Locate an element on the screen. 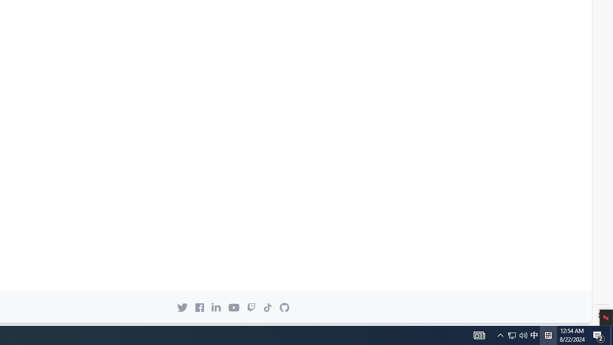 The width and height of the screenshot is (613, 345). 'GitHub on Twitch' is located at coordinates (251, 307).